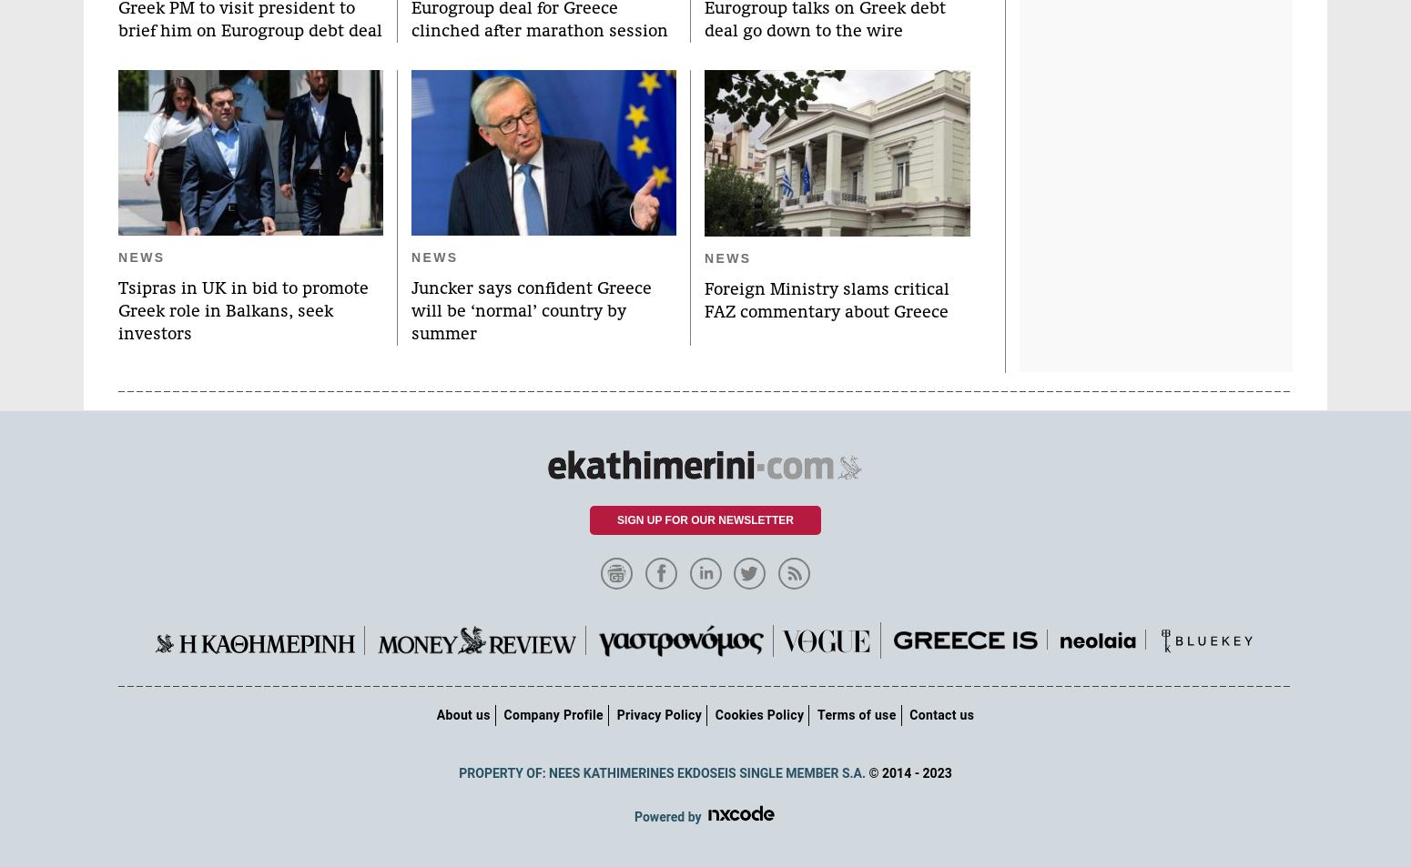  What do you see at coordinates (941, 715) in the screenshot?
I see `'Contact us'` at bounding box center [941, 715].